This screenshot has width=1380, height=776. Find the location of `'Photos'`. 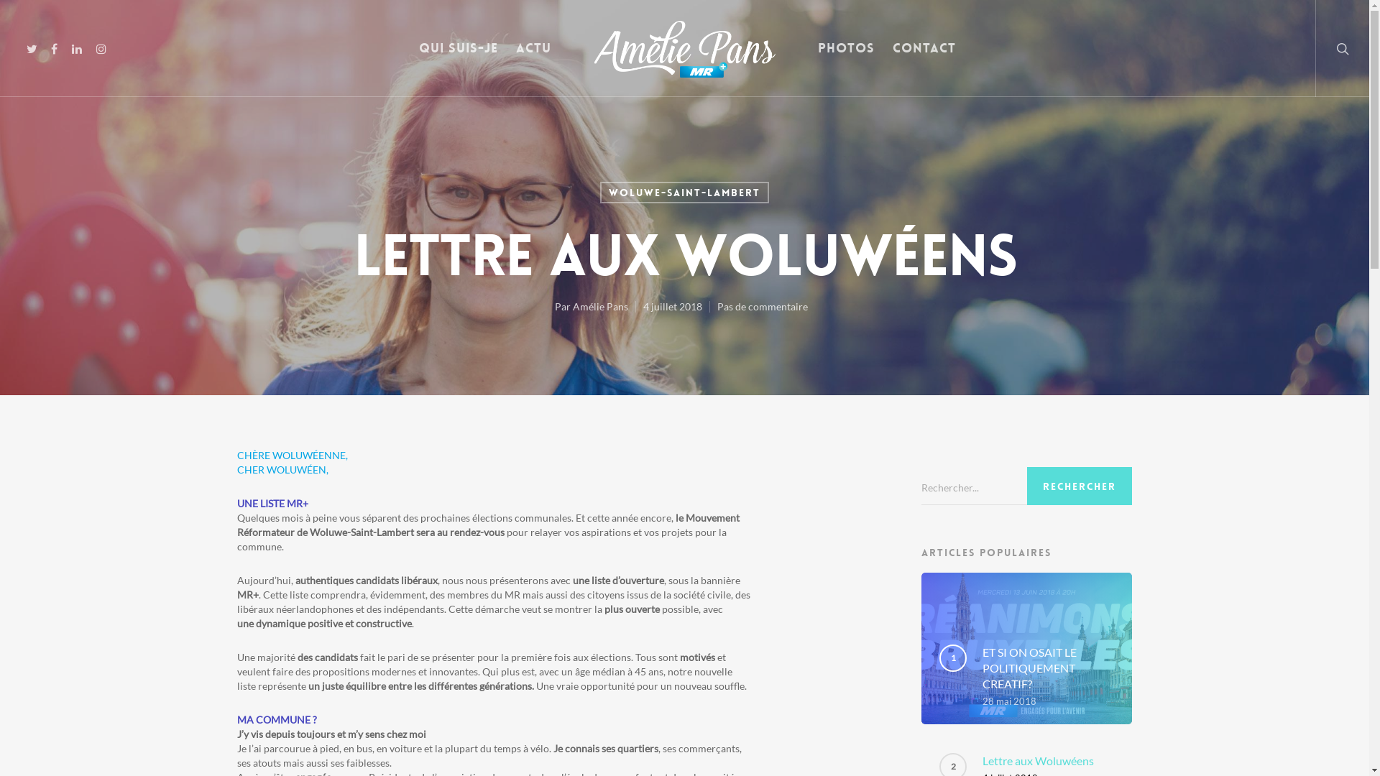

'Photos' is located at coordinates (846, 57).